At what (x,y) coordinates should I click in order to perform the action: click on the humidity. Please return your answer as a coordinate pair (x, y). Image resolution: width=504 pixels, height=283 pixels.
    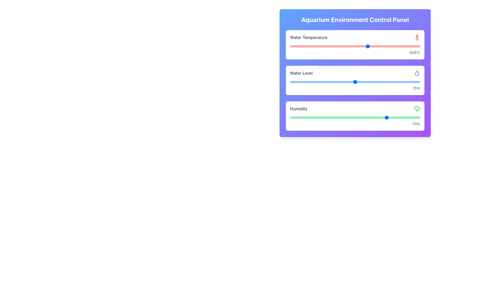
    Looking at the image, I should click on (303, 117).